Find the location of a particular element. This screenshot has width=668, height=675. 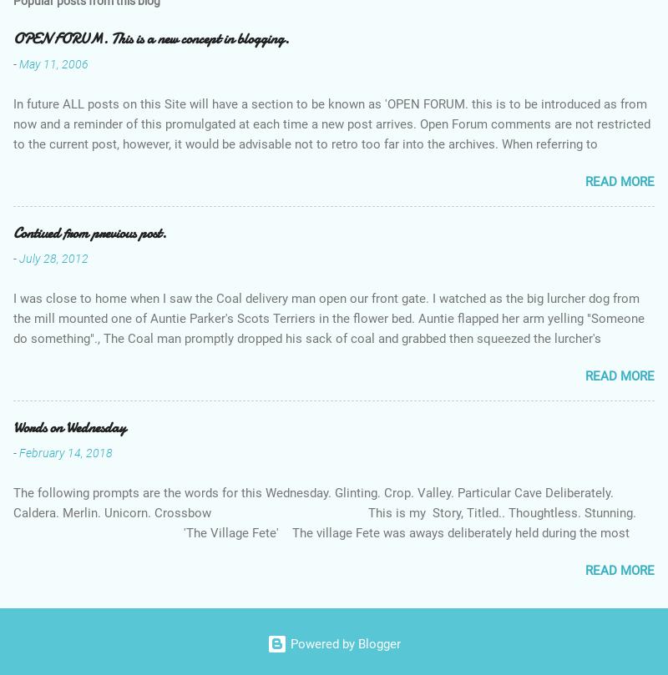

'February 14, 2018' is located at coordinates (66, 452).